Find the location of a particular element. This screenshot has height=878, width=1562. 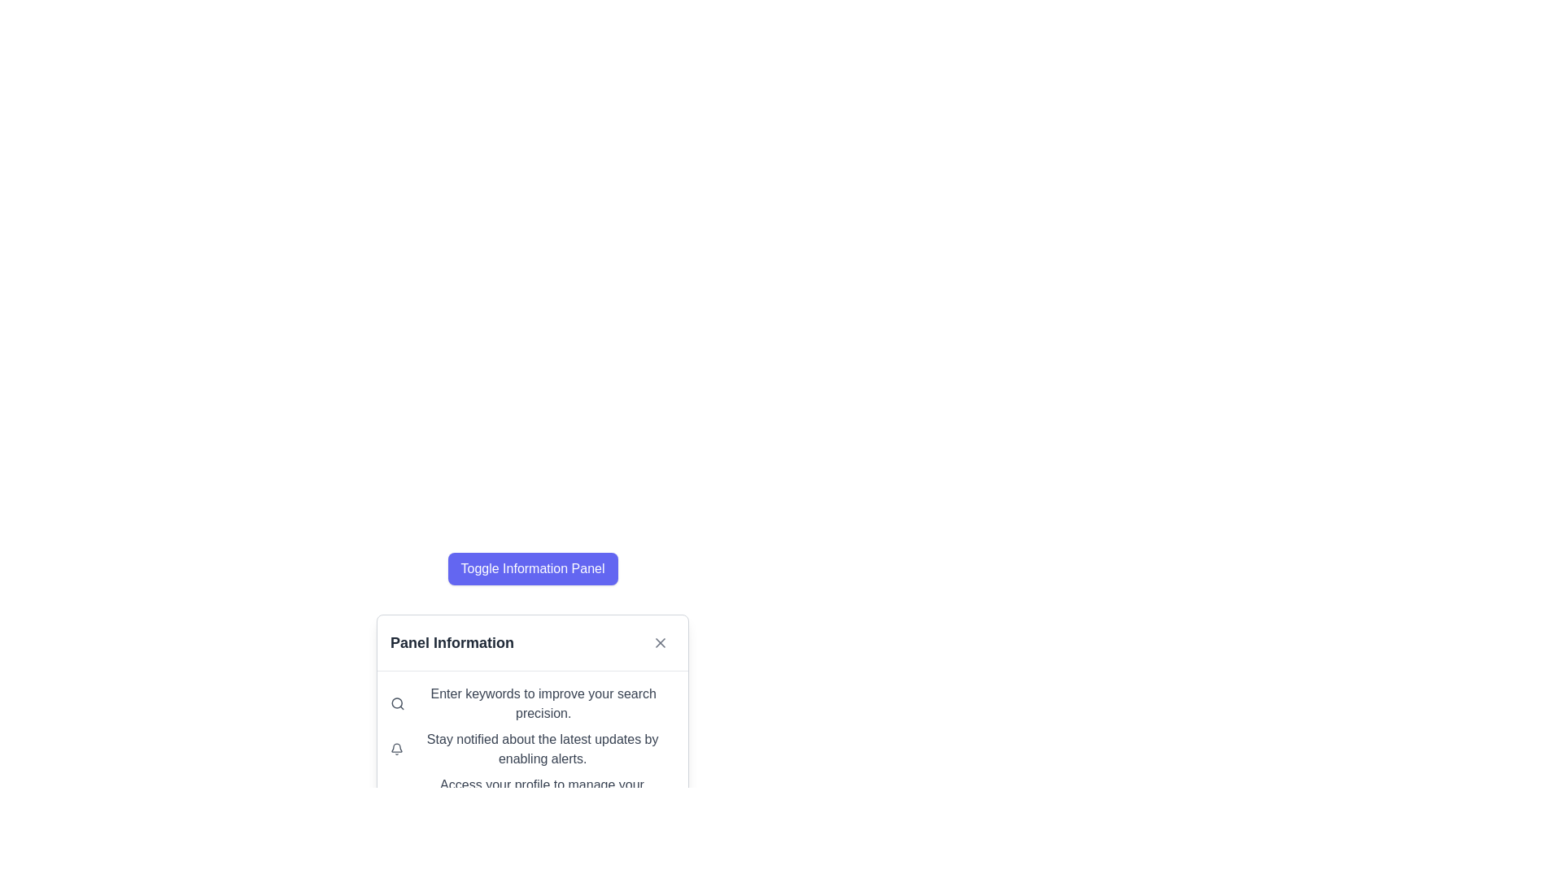

informational text with an icon that suggests entering keywords to refine search results, located at the top of the panel is located at coordinates (532, 703).